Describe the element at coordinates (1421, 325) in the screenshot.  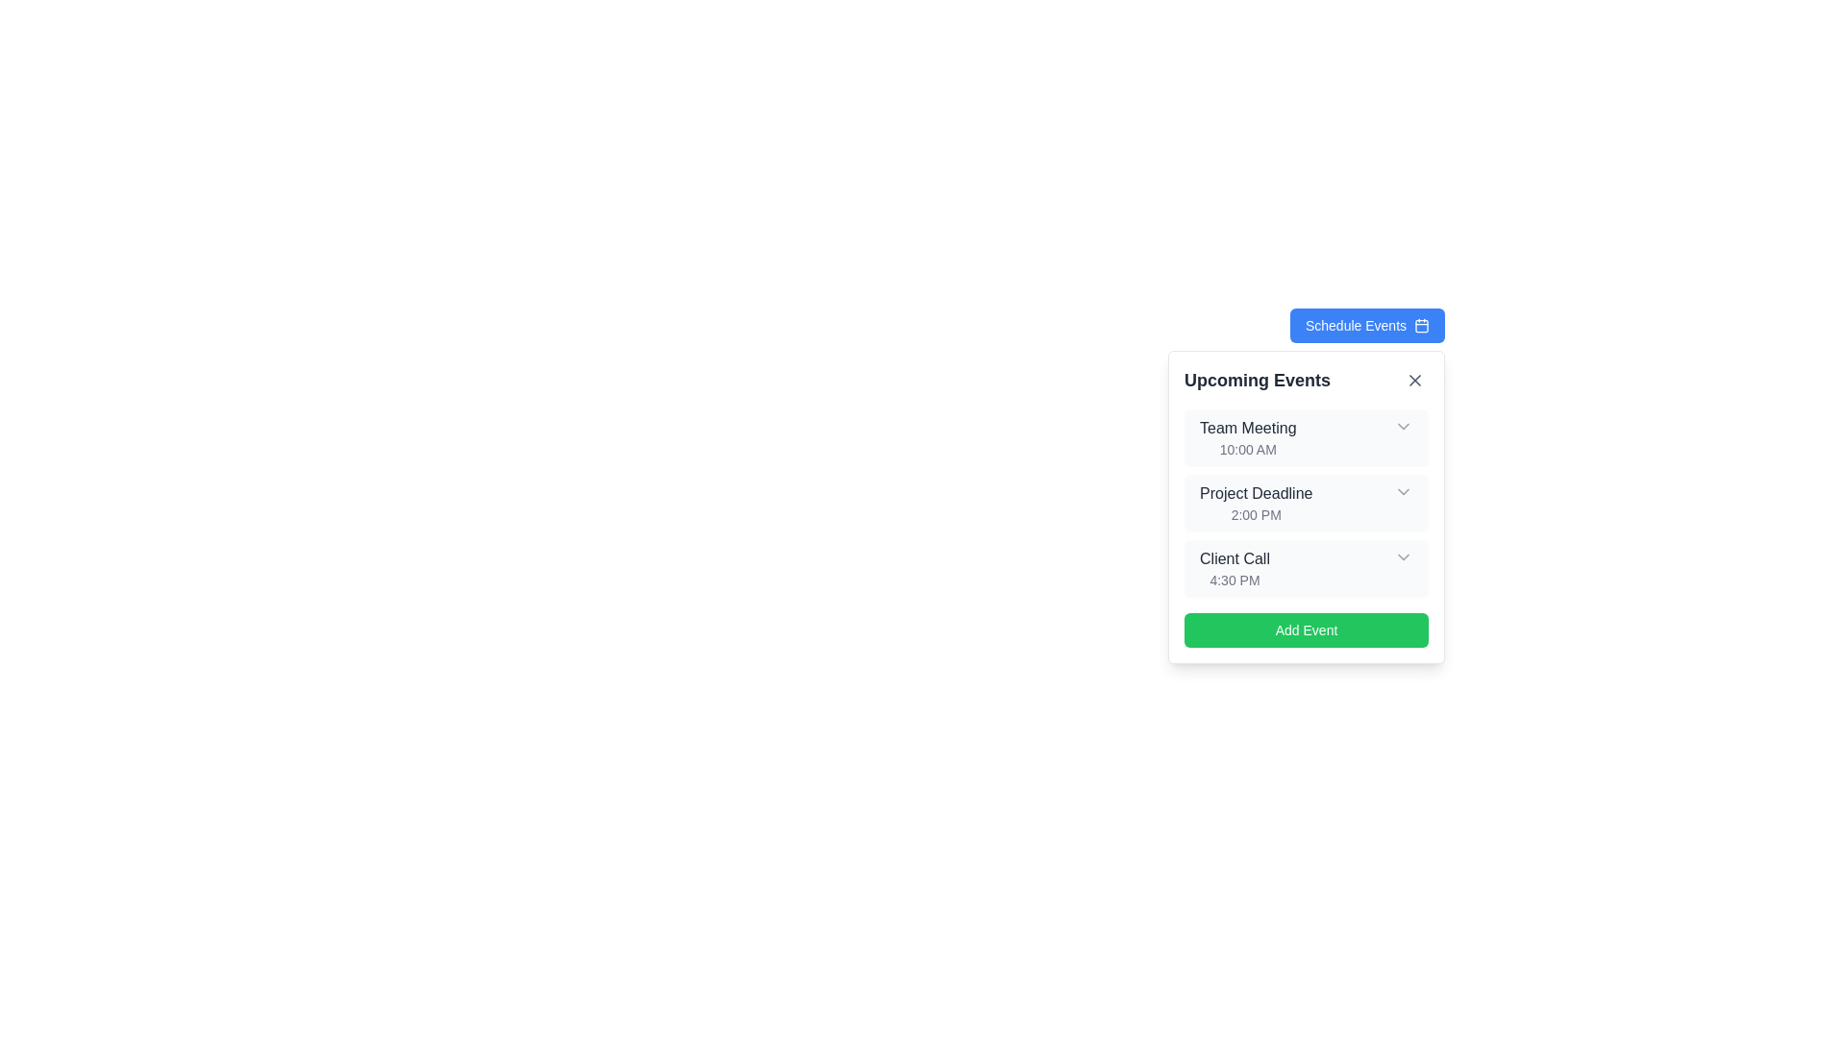
I see `the 'Schedule Events' icon, which is a blue rounded button located at the top-right corner of the interface, to the right of the text 'Schedule Events'` at that location.